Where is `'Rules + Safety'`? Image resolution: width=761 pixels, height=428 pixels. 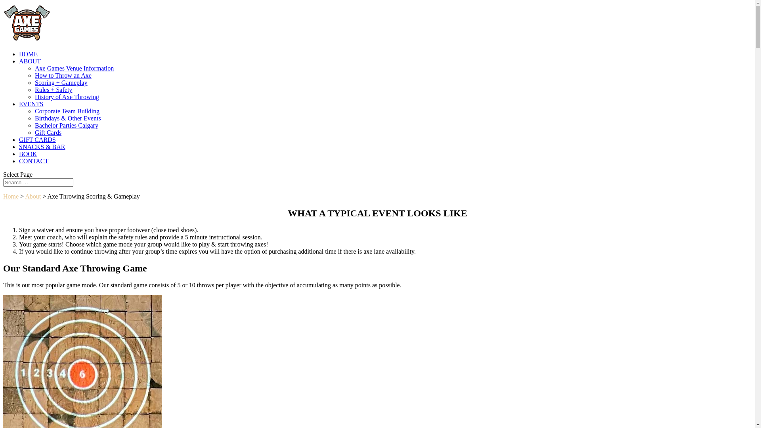 'Rules + Safety' is located at coordinates (53, 89).